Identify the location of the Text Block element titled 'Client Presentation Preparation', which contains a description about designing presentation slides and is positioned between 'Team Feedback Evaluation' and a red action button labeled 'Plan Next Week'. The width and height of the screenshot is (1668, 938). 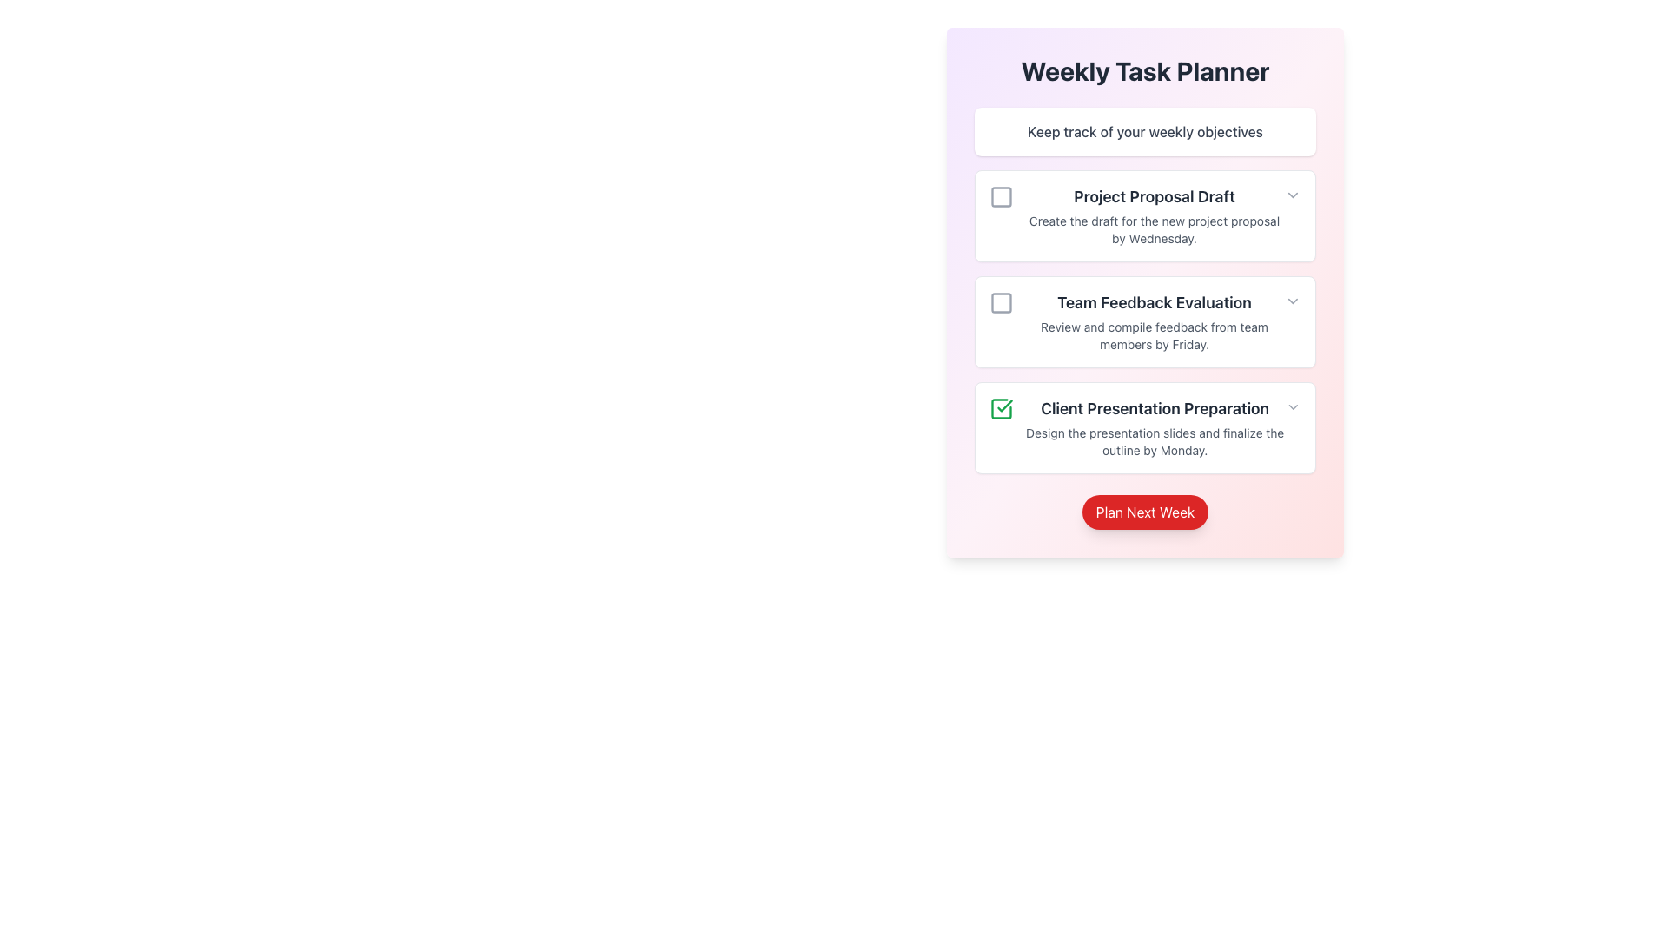
(1155, 428).